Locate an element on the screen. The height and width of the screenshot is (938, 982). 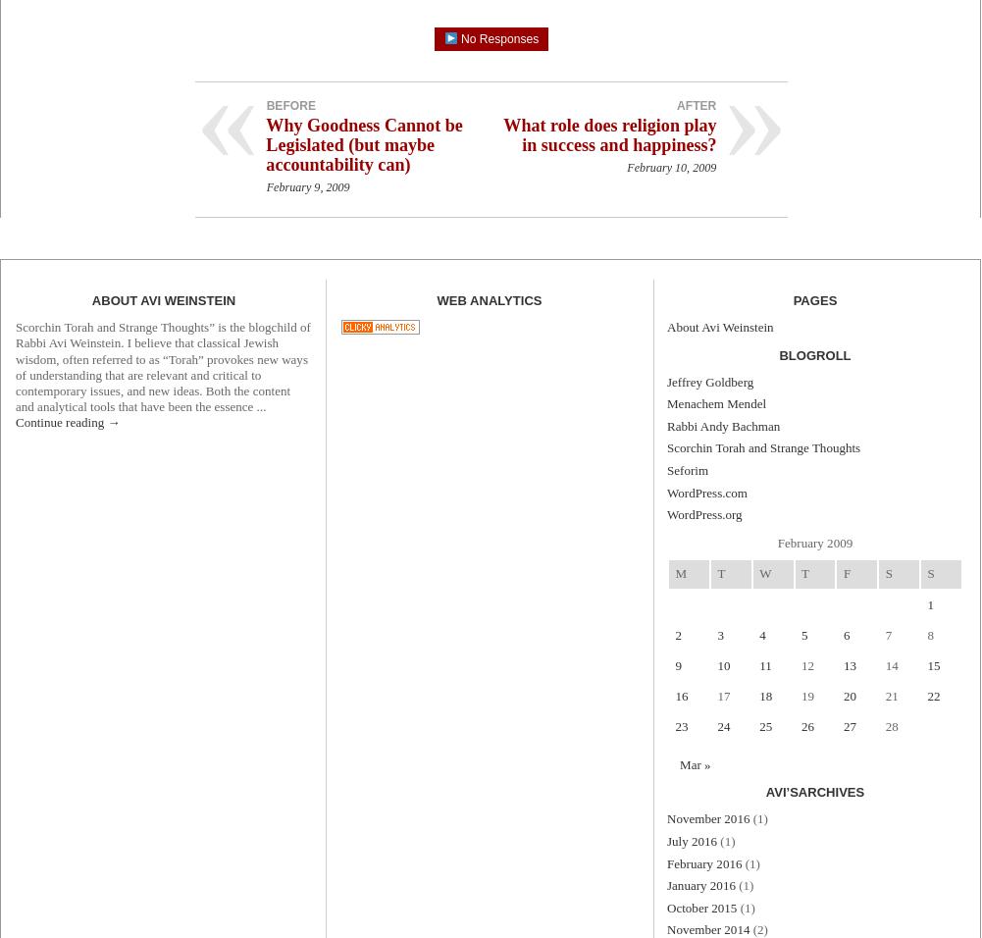
'October 2015' is located at coordinates (701, 907).